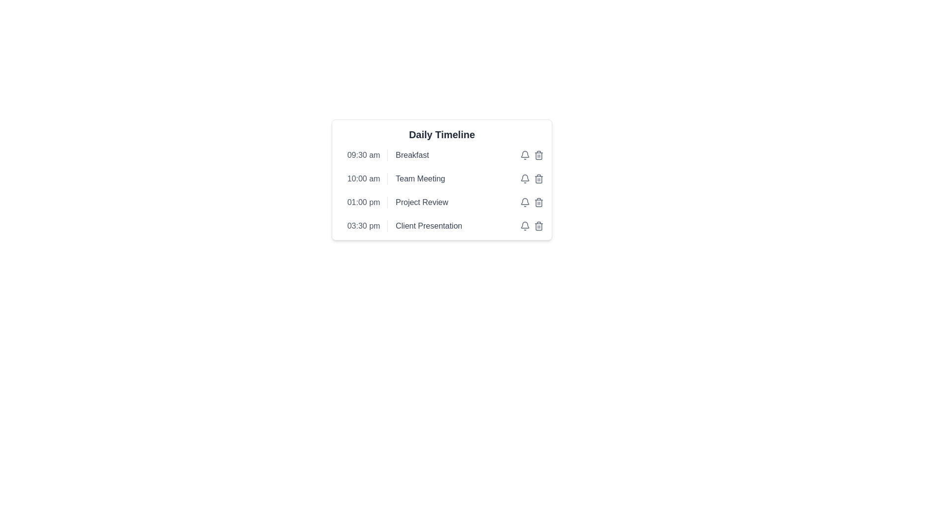  What do you see at coordinates (363, 202) in the screenshot?
I see `the Text element displaying '01:00 pm', which is positioned in the third row of the timeline interface and aligned with other time entries` at bounding box center [363, 202].